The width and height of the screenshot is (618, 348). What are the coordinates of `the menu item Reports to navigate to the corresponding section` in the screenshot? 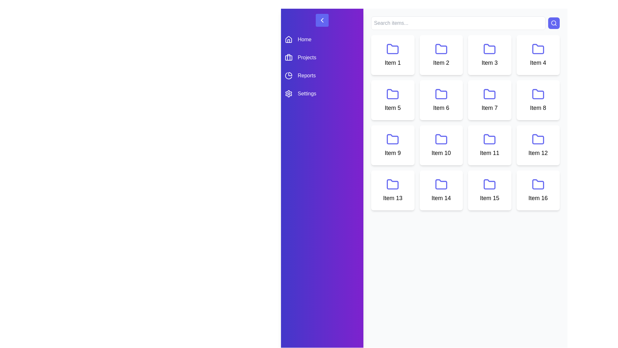 It's located at (322, 75).